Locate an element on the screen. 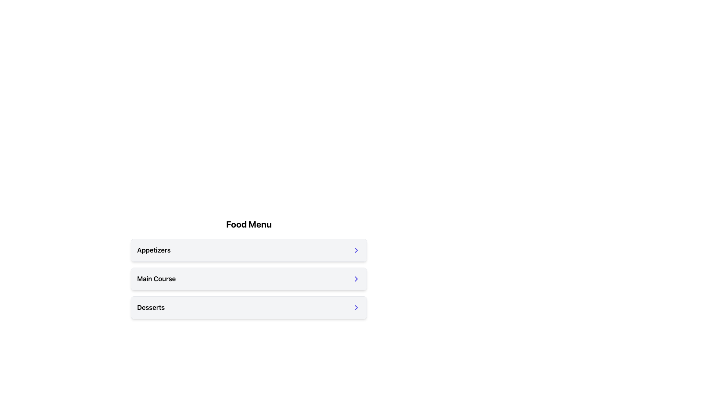 The image size is (706, 397). the right-pointing indigo chevron icon located at the far right of the 'Appetizers' row is located at coordinates (356, 250).